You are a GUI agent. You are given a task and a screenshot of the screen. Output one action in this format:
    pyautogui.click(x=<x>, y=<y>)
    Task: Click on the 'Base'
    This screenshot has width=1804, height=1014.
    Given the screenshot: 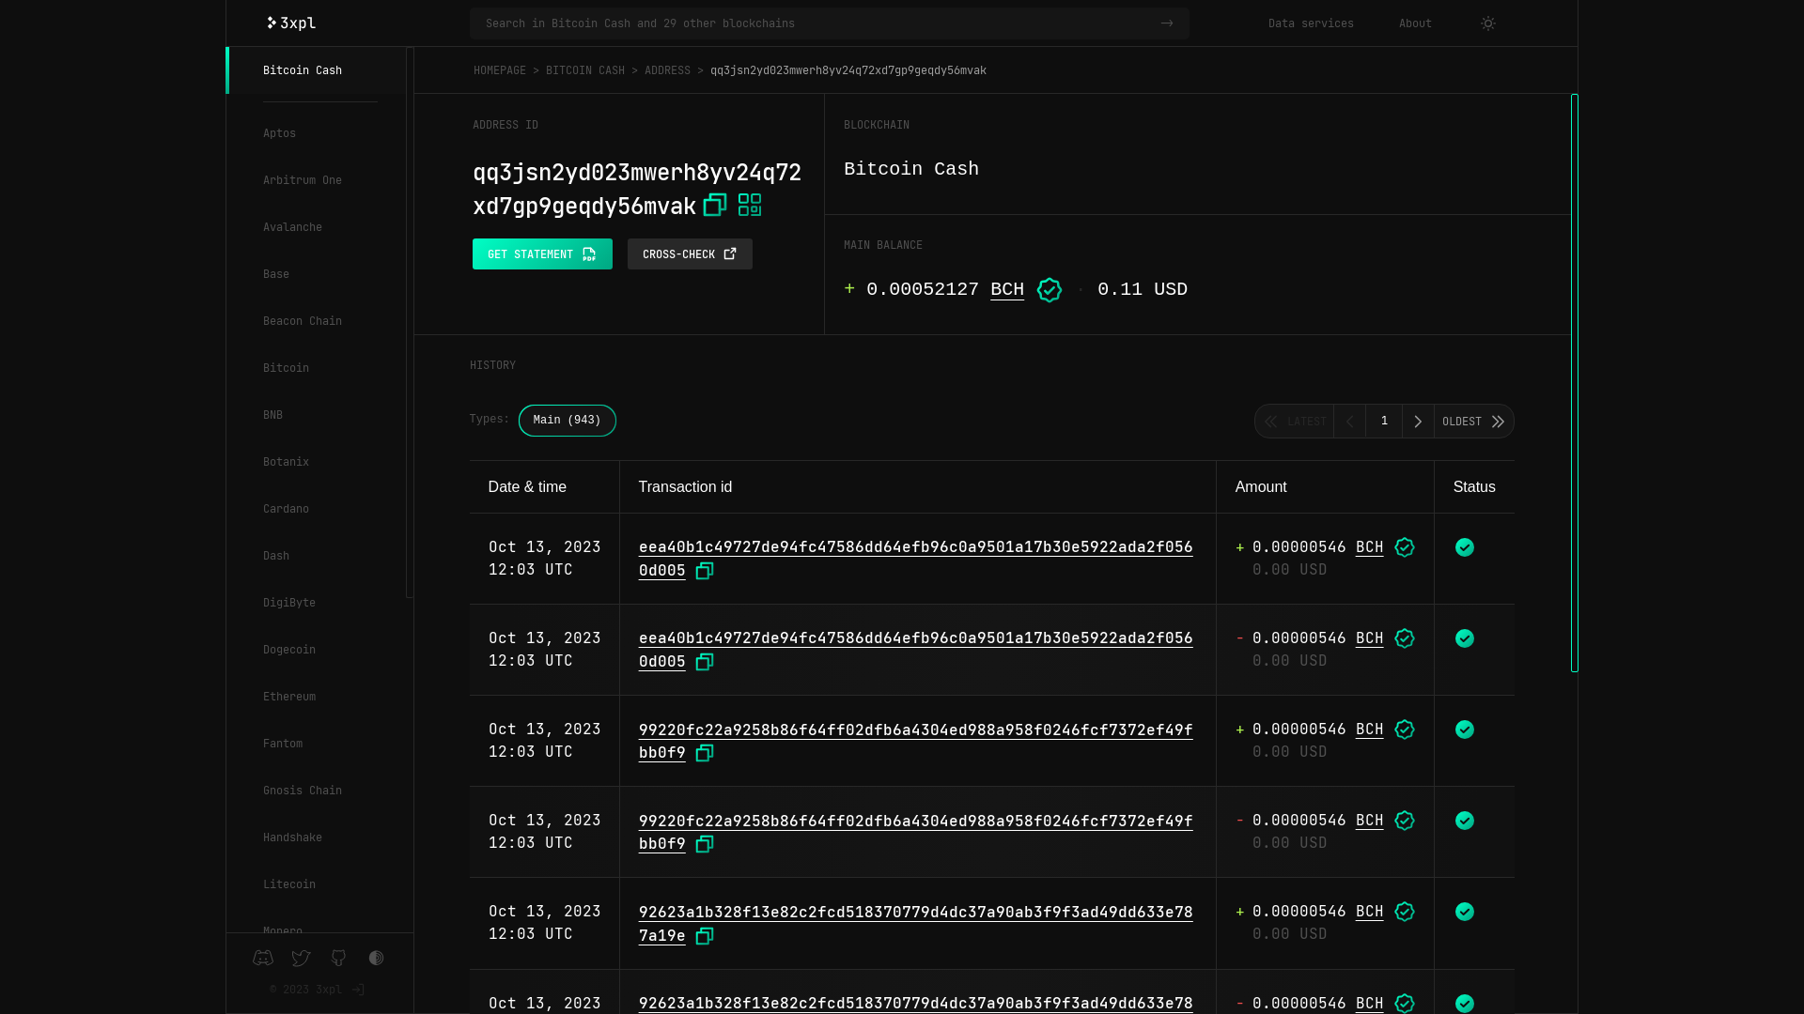 What is the action you would take?
    pyautogui.click(x=316, y=274)
    